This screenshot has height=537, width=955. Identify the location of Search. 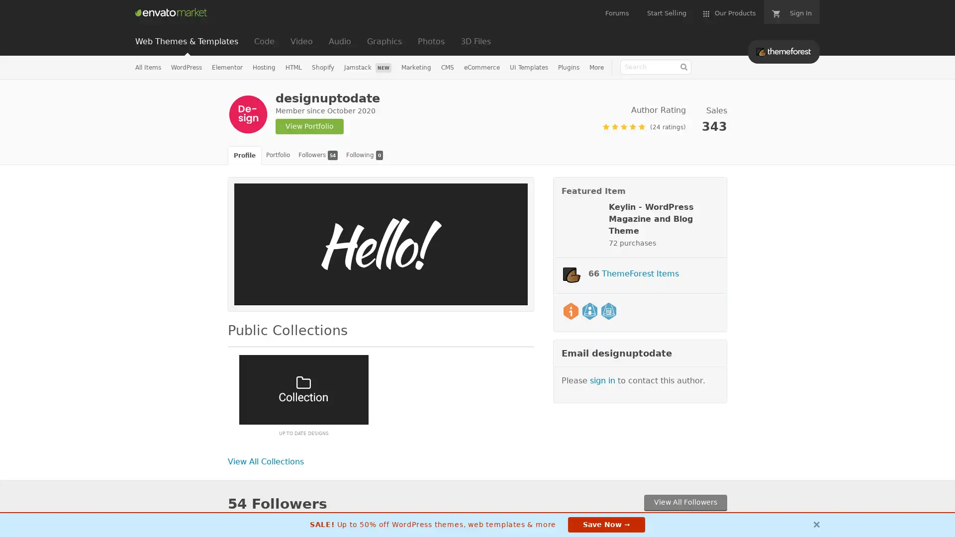
(683, 67).